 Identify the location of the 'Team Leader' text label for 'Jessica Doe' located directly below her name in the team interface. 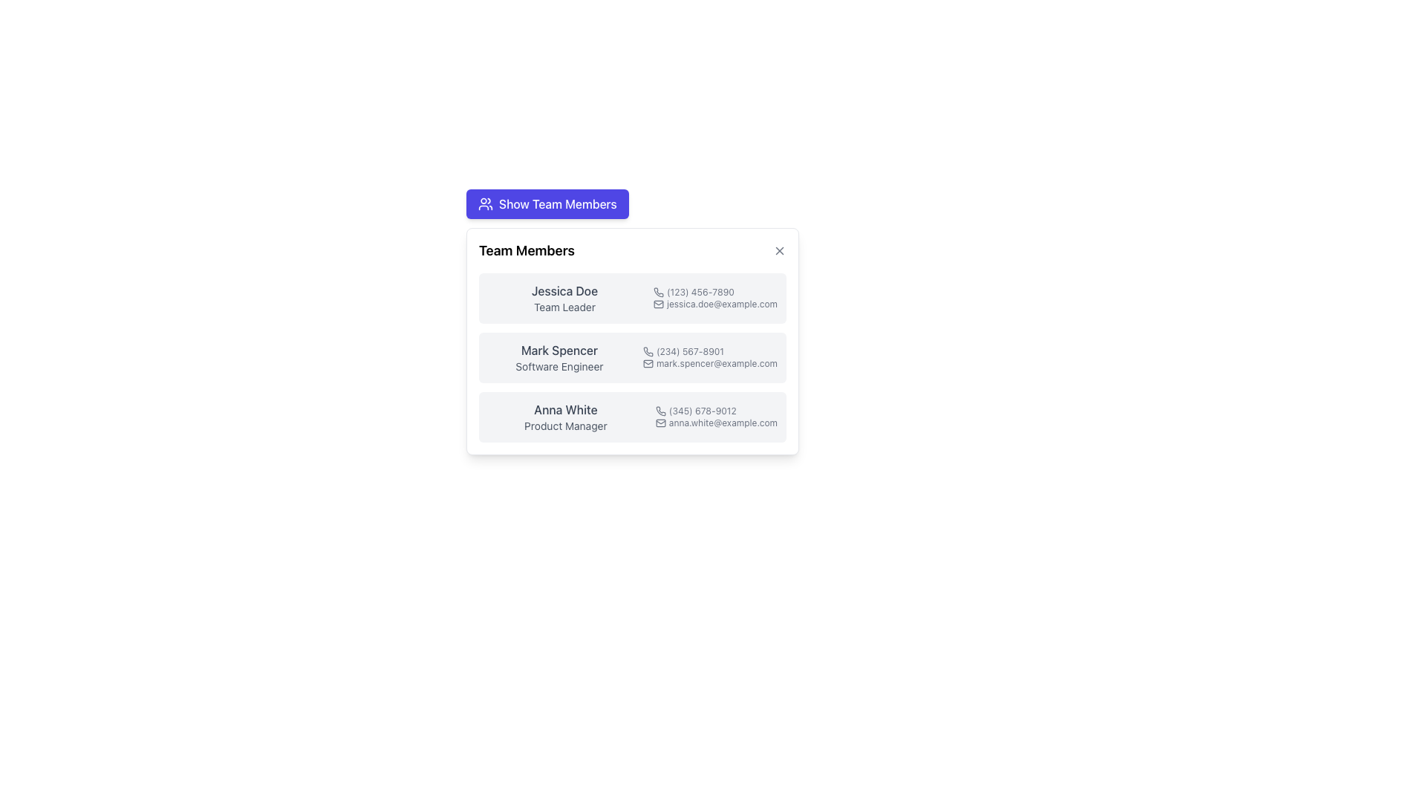
(564, 306).